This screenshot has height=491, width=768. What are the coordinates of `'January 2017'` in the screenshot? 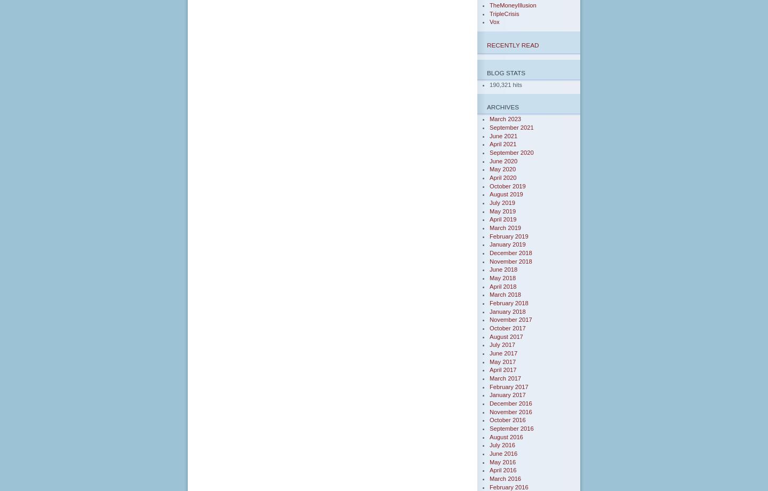 It's located at (507, 394).